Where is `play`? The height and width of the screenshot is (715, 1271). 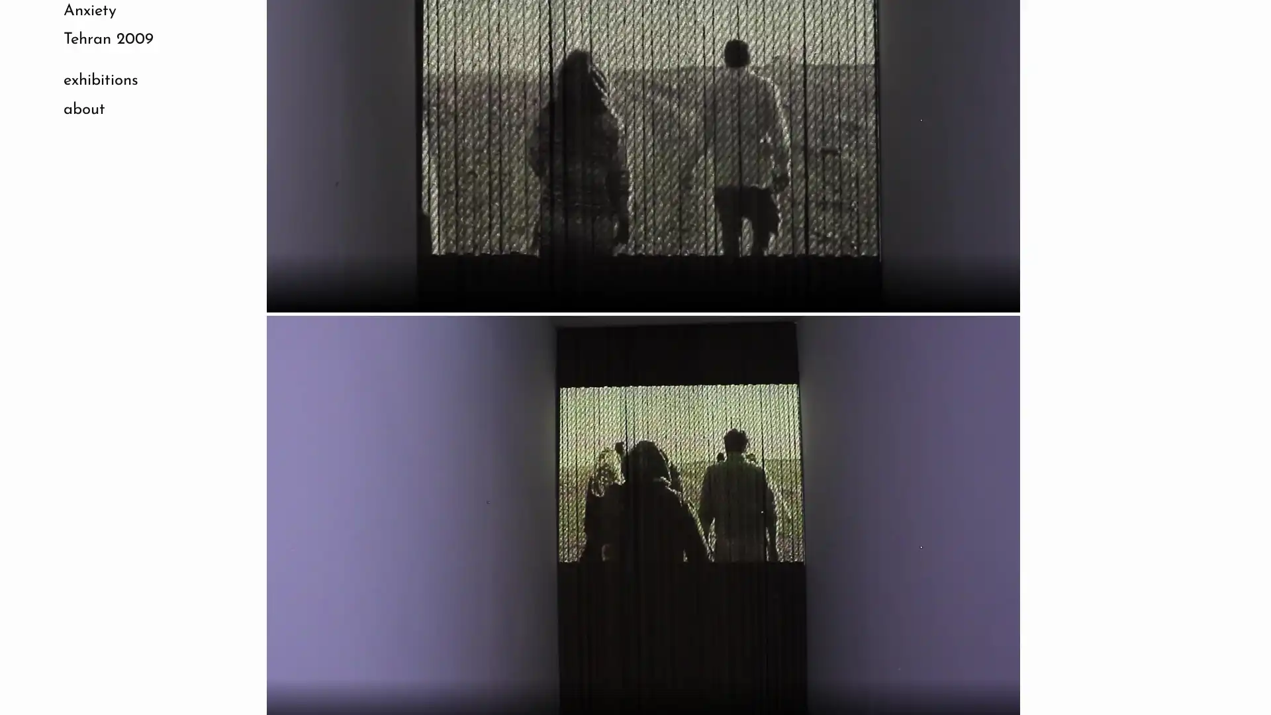 play is located at coordinates (282, 279).